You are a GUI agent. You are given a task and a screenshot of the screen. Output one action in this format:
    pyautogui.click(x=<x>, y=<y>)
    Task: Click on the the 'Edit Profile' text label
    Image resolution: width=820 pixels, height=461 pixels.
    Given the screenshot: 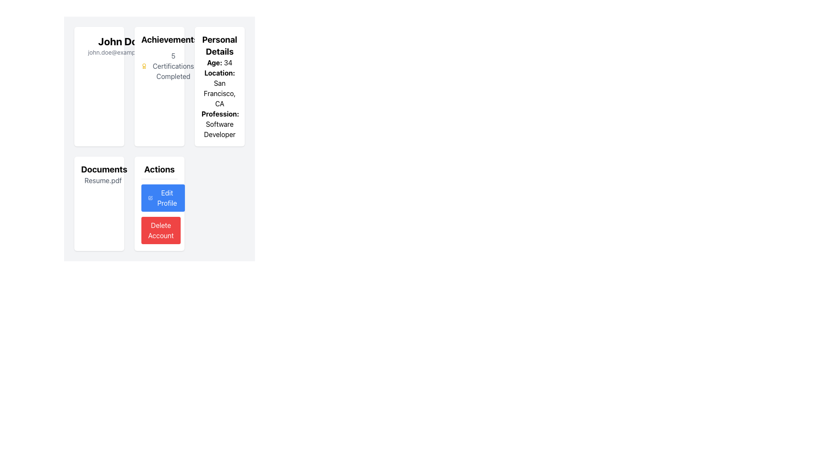 What is the action you would take?
    pyautogui.click(x=167, y=198)
    